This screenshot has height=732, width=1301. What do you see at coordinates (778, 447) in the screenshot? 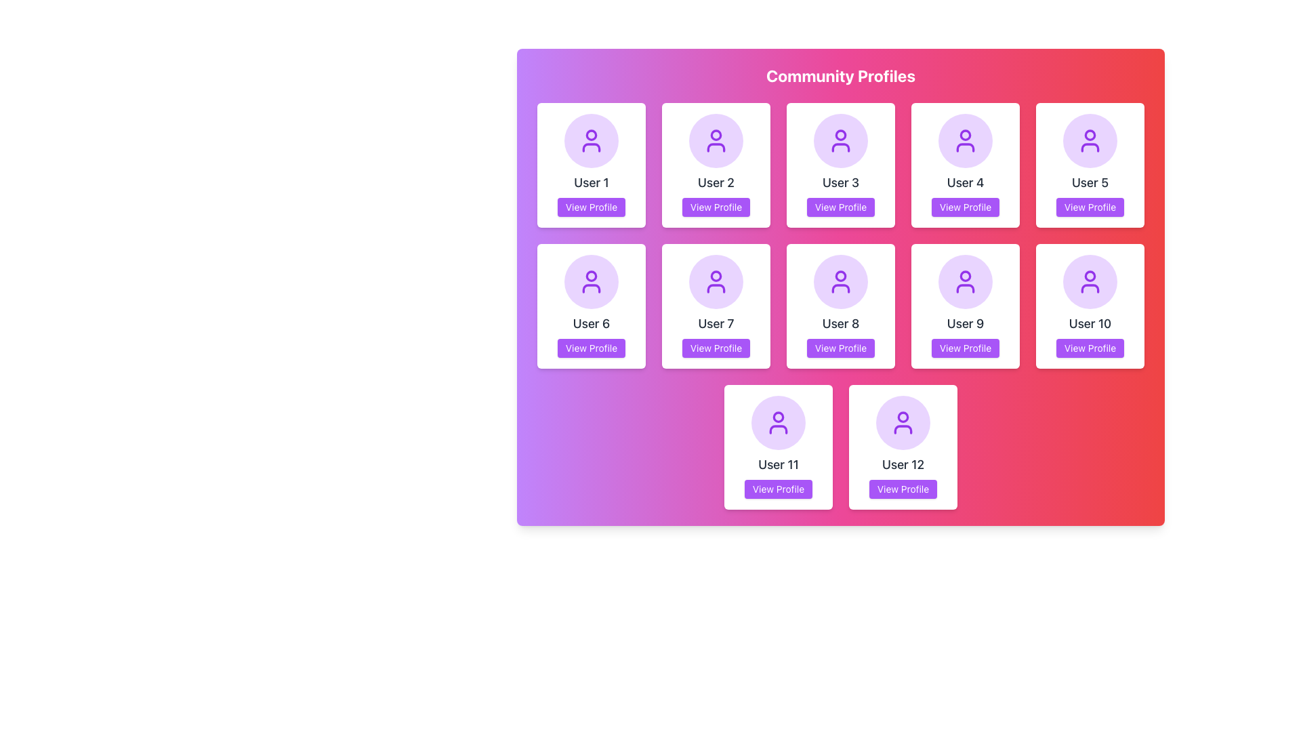
I see `the User Profile Card containing the 'User 11' label and 'View Profile' button` at bounding box center [778, 447].